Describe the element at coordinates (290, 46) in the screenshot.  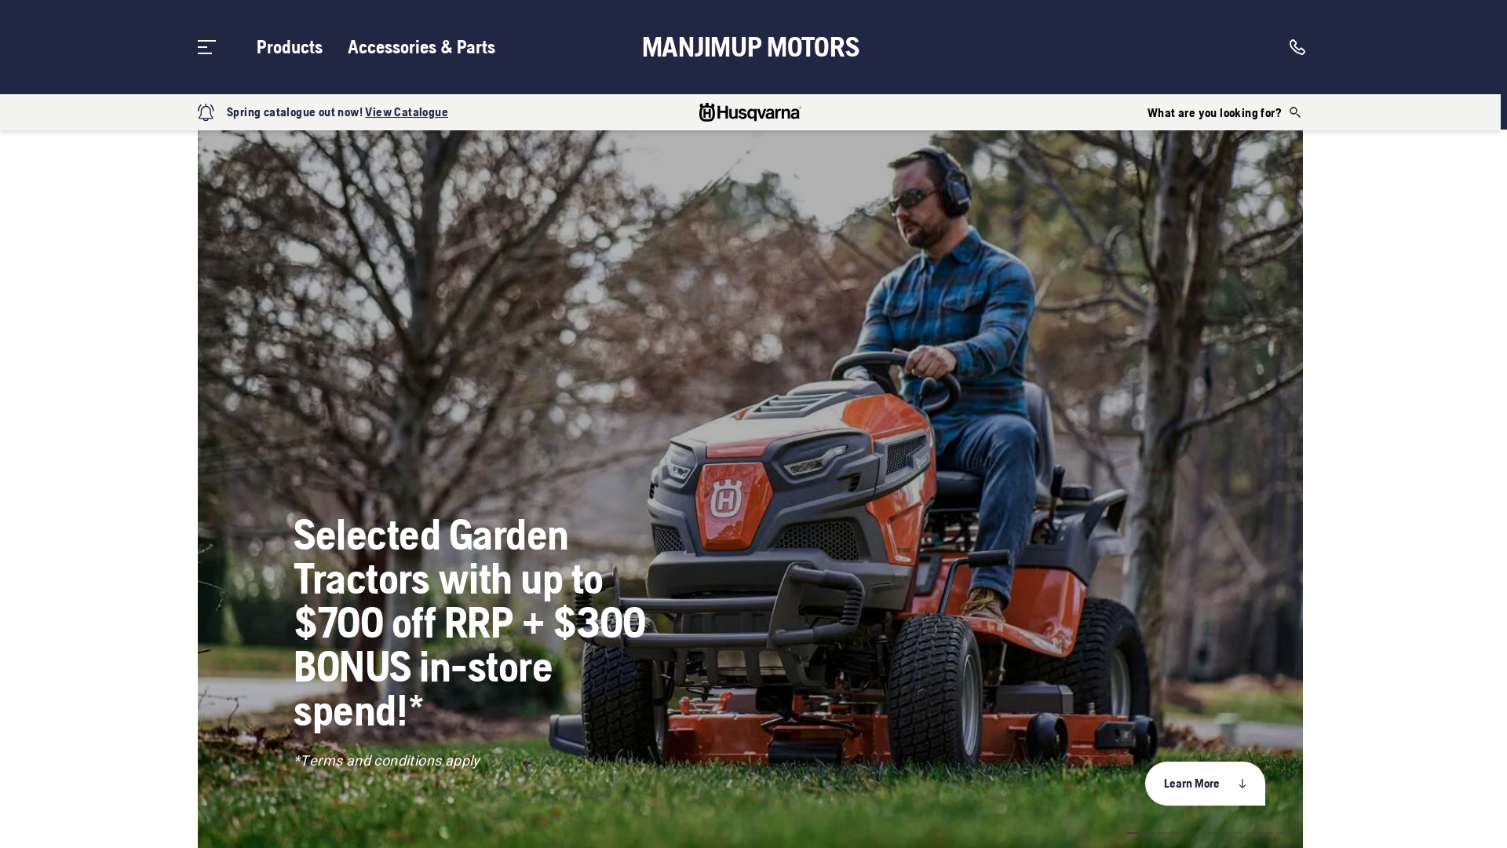
I see `'Products'` at that location.